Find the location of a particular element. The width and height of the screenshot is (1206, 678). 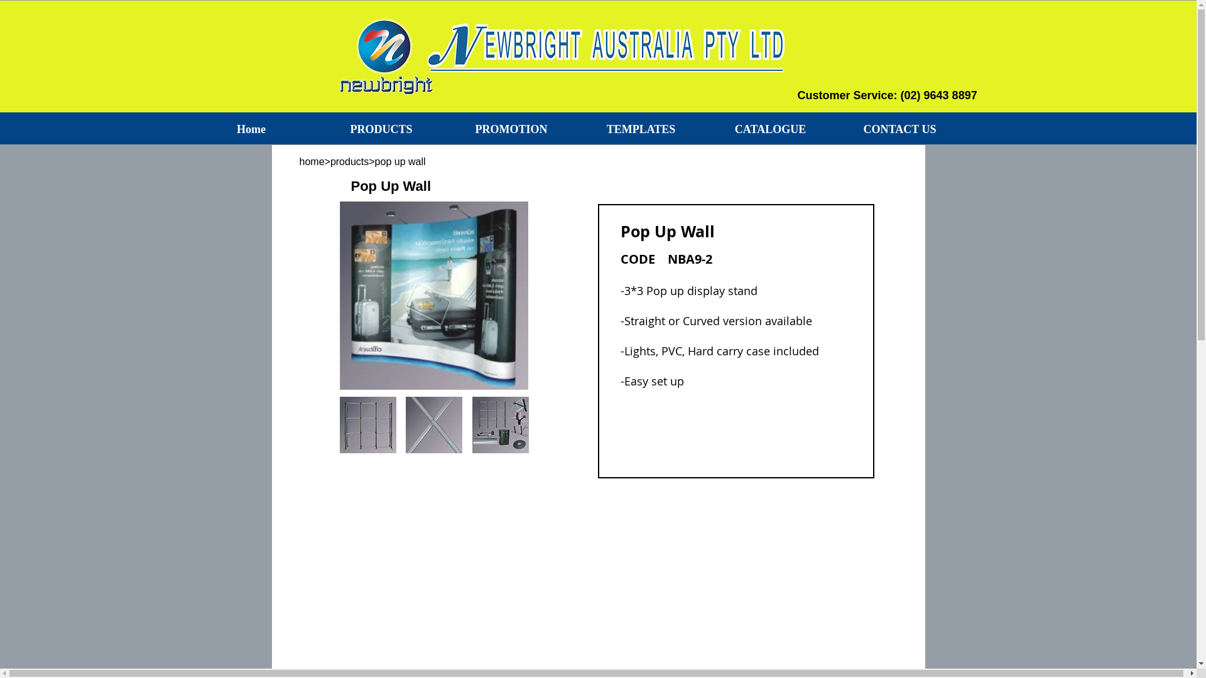

'CONTACT US' is located at coordinates (835, 129).